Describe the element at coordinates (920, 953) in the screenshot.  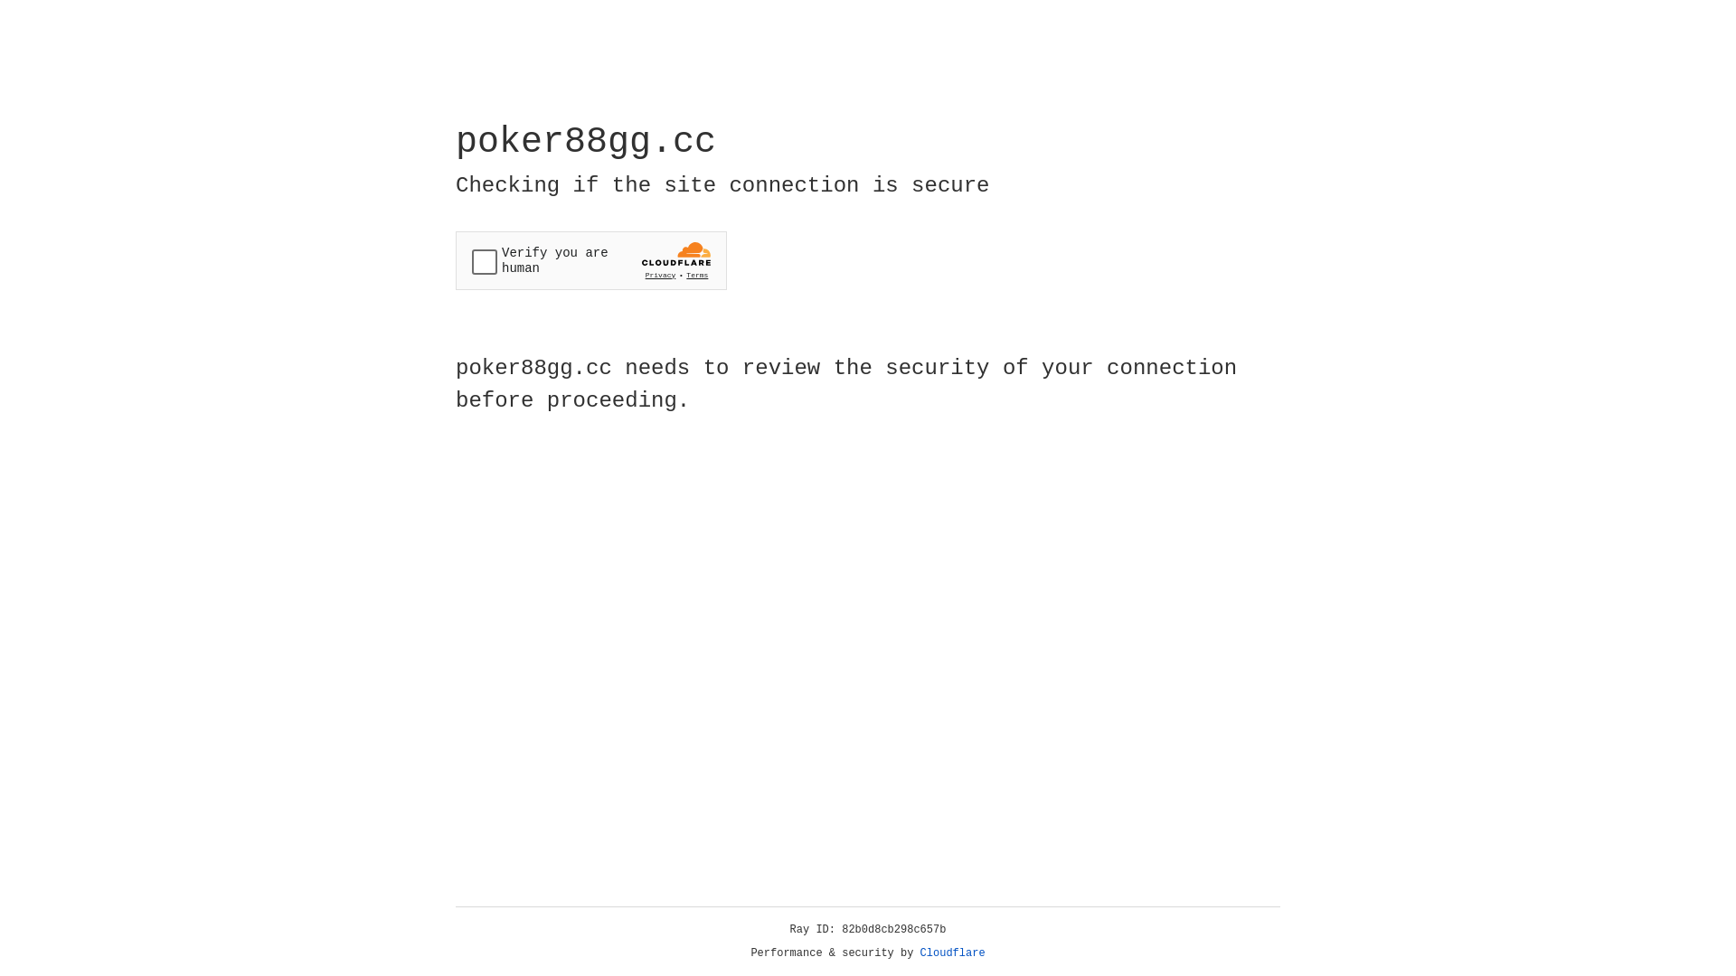
I see `'Cloudflare'` at that location.